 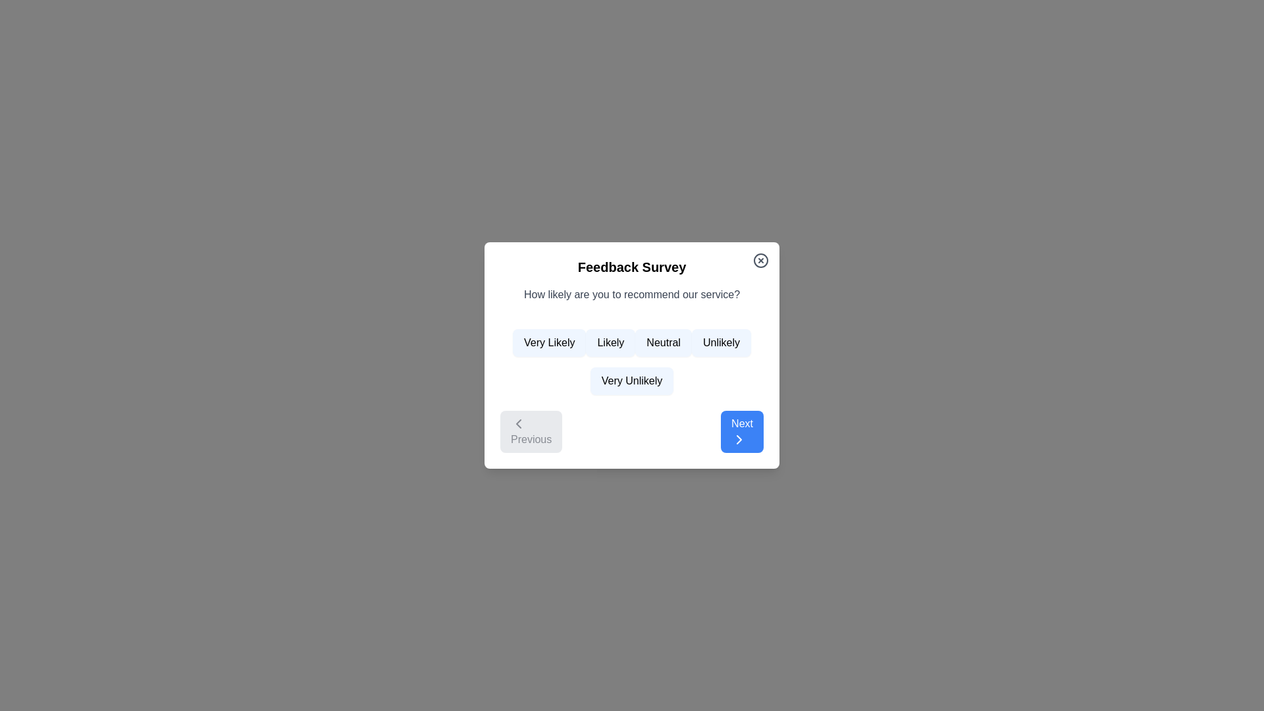 What do you see at coordinates (720, 342) in the screenshot?
I see `the 'Unlikely' button in the feedback survey dialog` at bounding box center [720, 342].